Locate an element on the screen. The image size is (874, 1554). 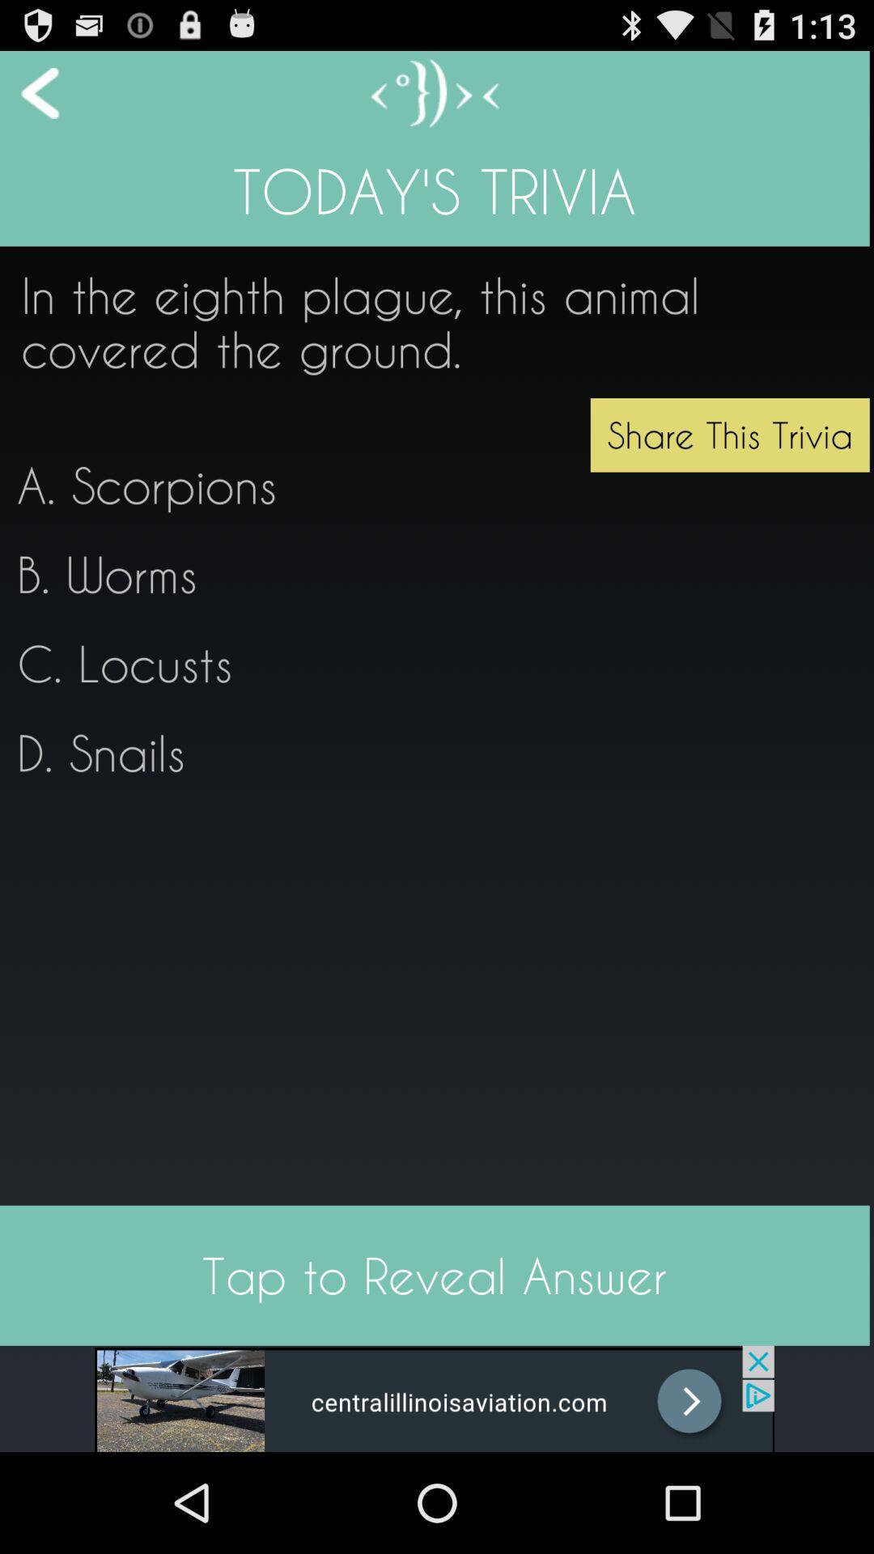
open an advertisements is located at coordinates (433, 1398).